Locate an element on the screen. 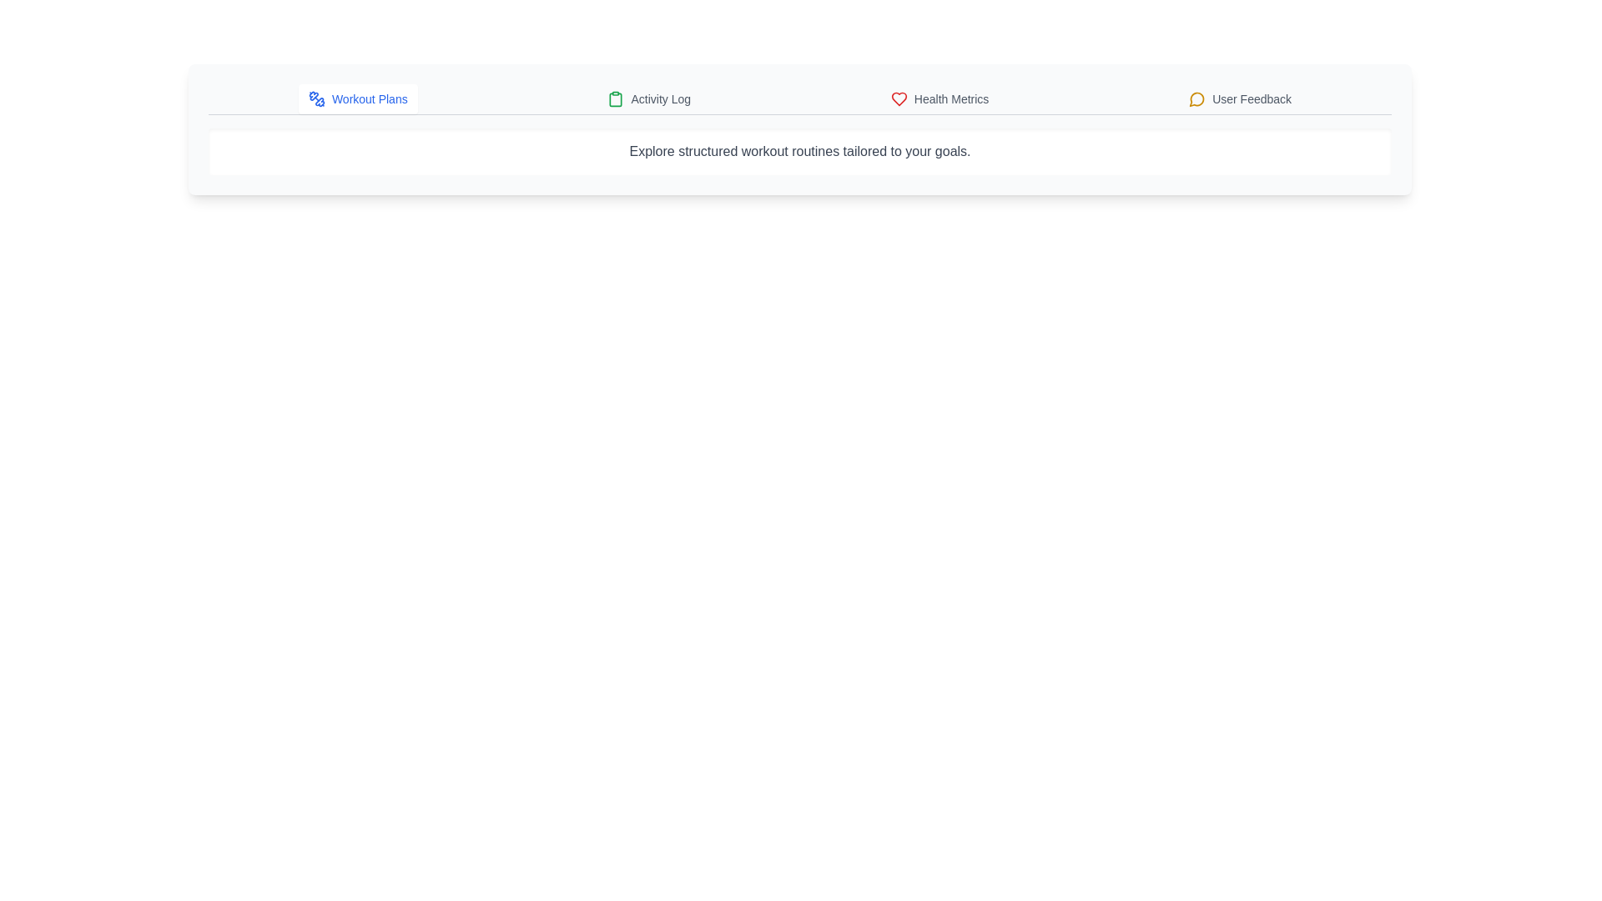  the text box displaying the phrase 'Explore structured workout routines tailored to your goals.' which is styled with a white background and rounded corners, located below the toolbar-like row is located at coordinates (799, 151).